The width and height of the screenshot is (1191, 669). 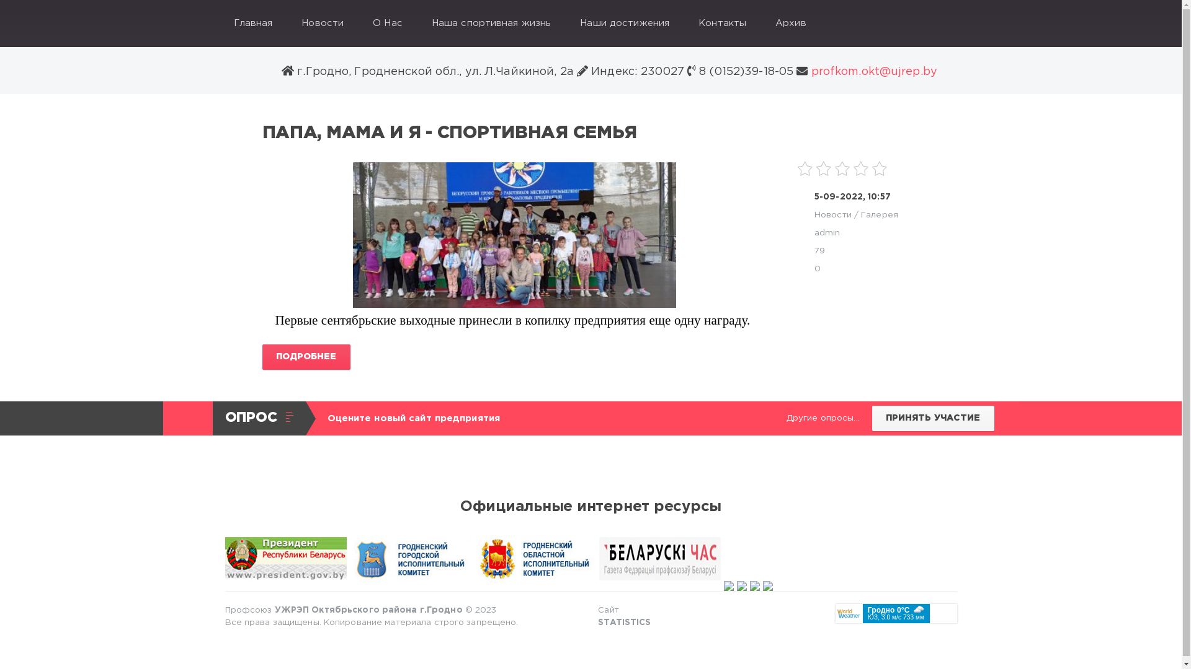 What do you see at coordinates (860, 168) in the screenshot?
I see `'4'` at bounding box center [860, 168].